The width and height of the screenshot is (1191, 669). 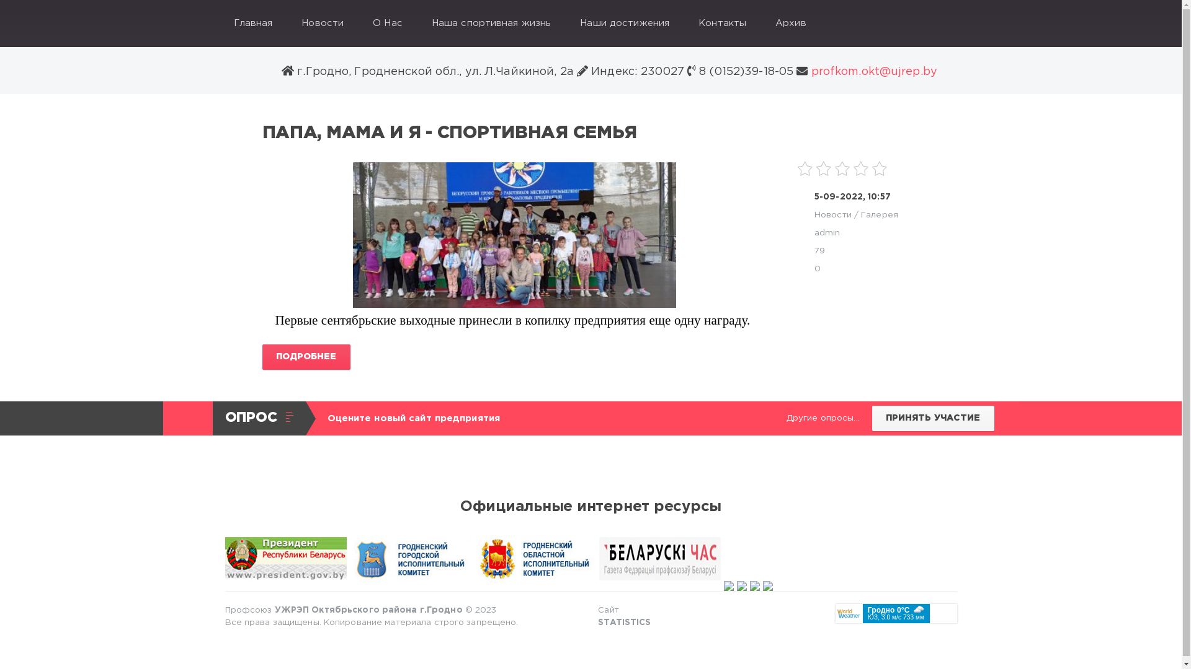 What do you see at coordinates (860, 168) in the screenshot?
I see `'4'` at bounding box center [860, 168].